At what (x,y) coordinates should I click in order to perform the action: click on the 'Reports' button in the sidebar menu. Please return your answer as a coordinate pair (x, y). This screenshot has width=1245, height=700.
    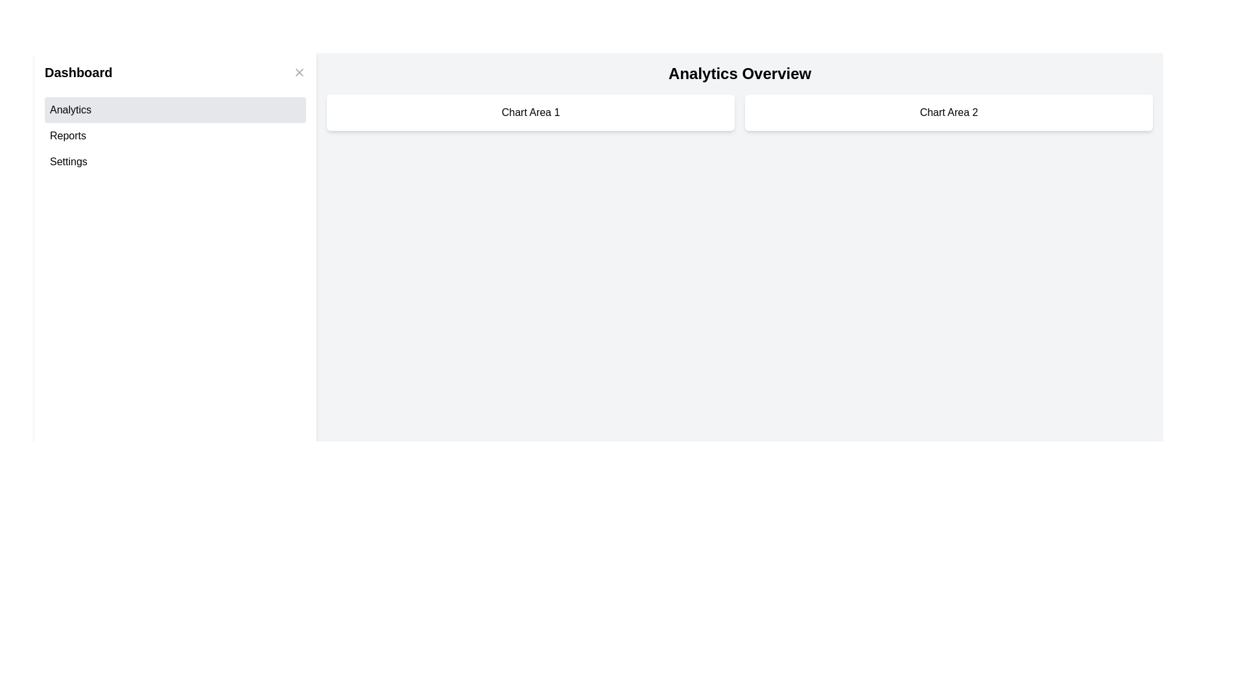
    Looking at the image, I should click on (174, 135).